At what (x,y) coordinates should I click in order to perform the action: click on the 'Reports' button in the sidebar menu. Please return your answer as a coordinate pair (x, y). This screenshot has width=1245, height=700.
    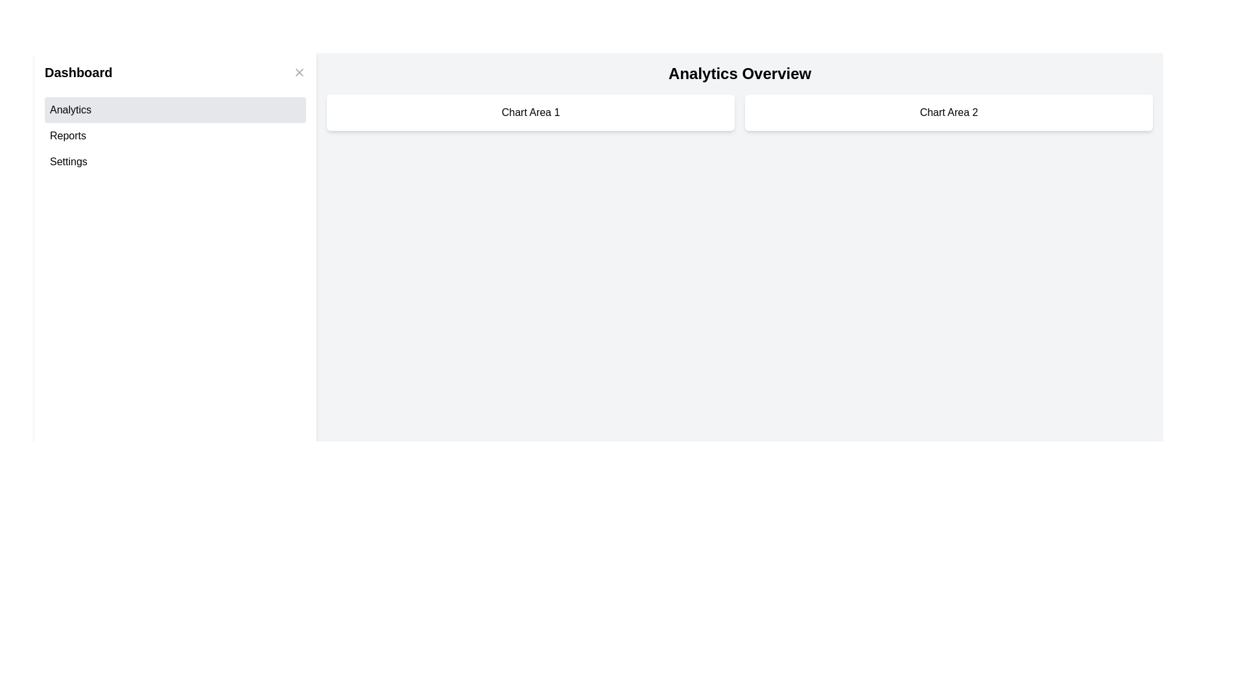
    Looking at the image, I should click on (174, 135).